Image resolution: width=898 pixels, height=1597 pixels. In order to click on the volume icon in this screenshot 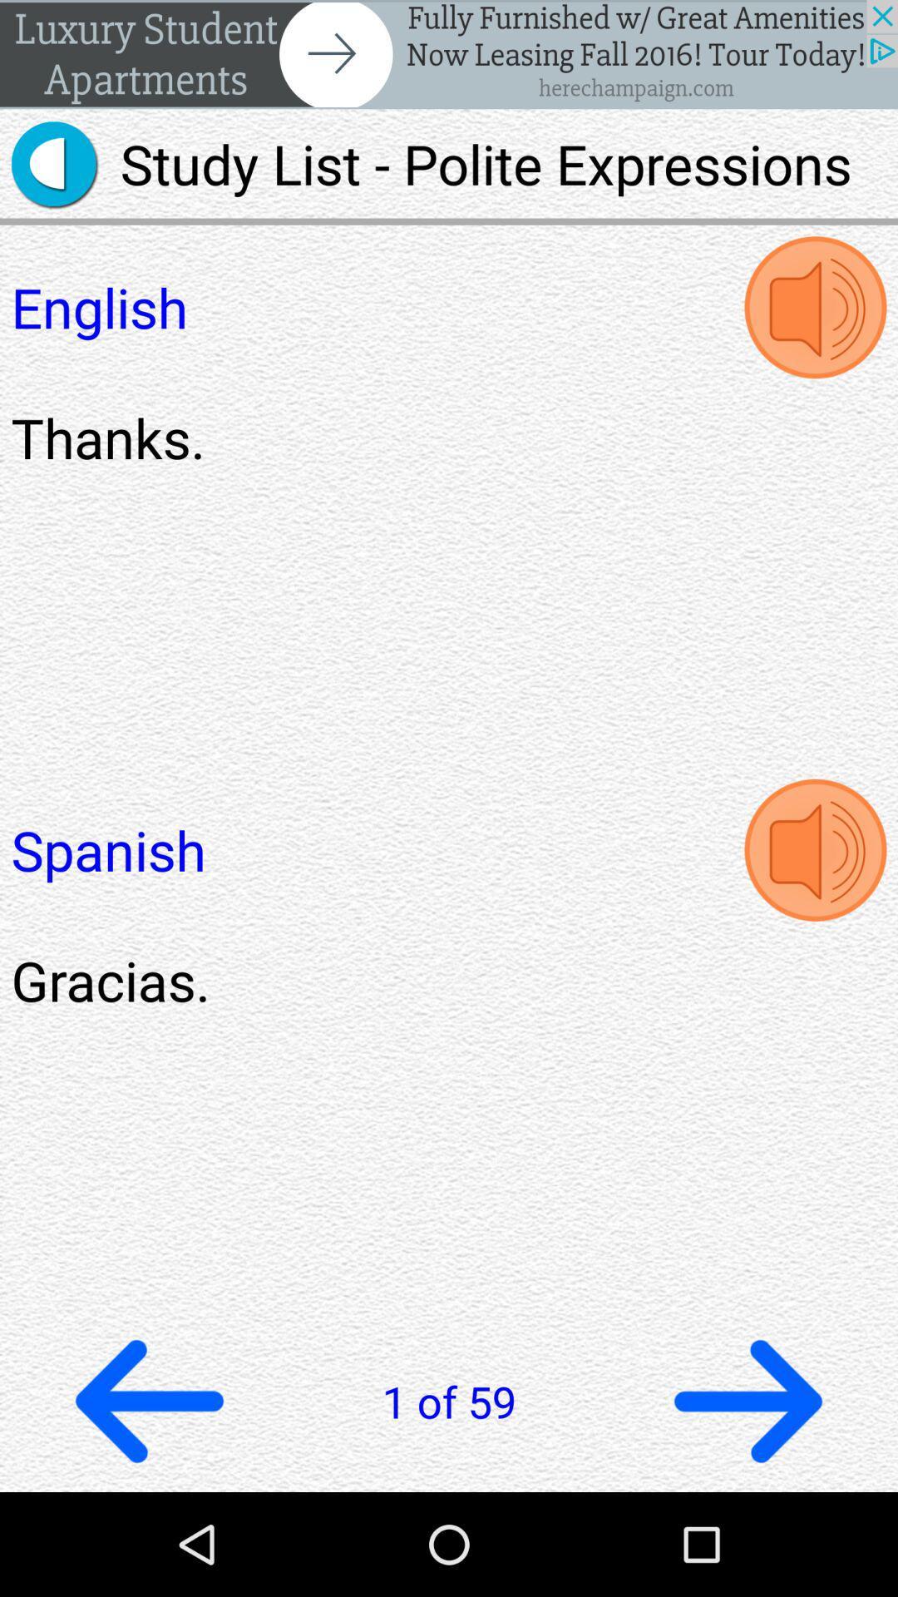, I will do `click(814, 329)`.